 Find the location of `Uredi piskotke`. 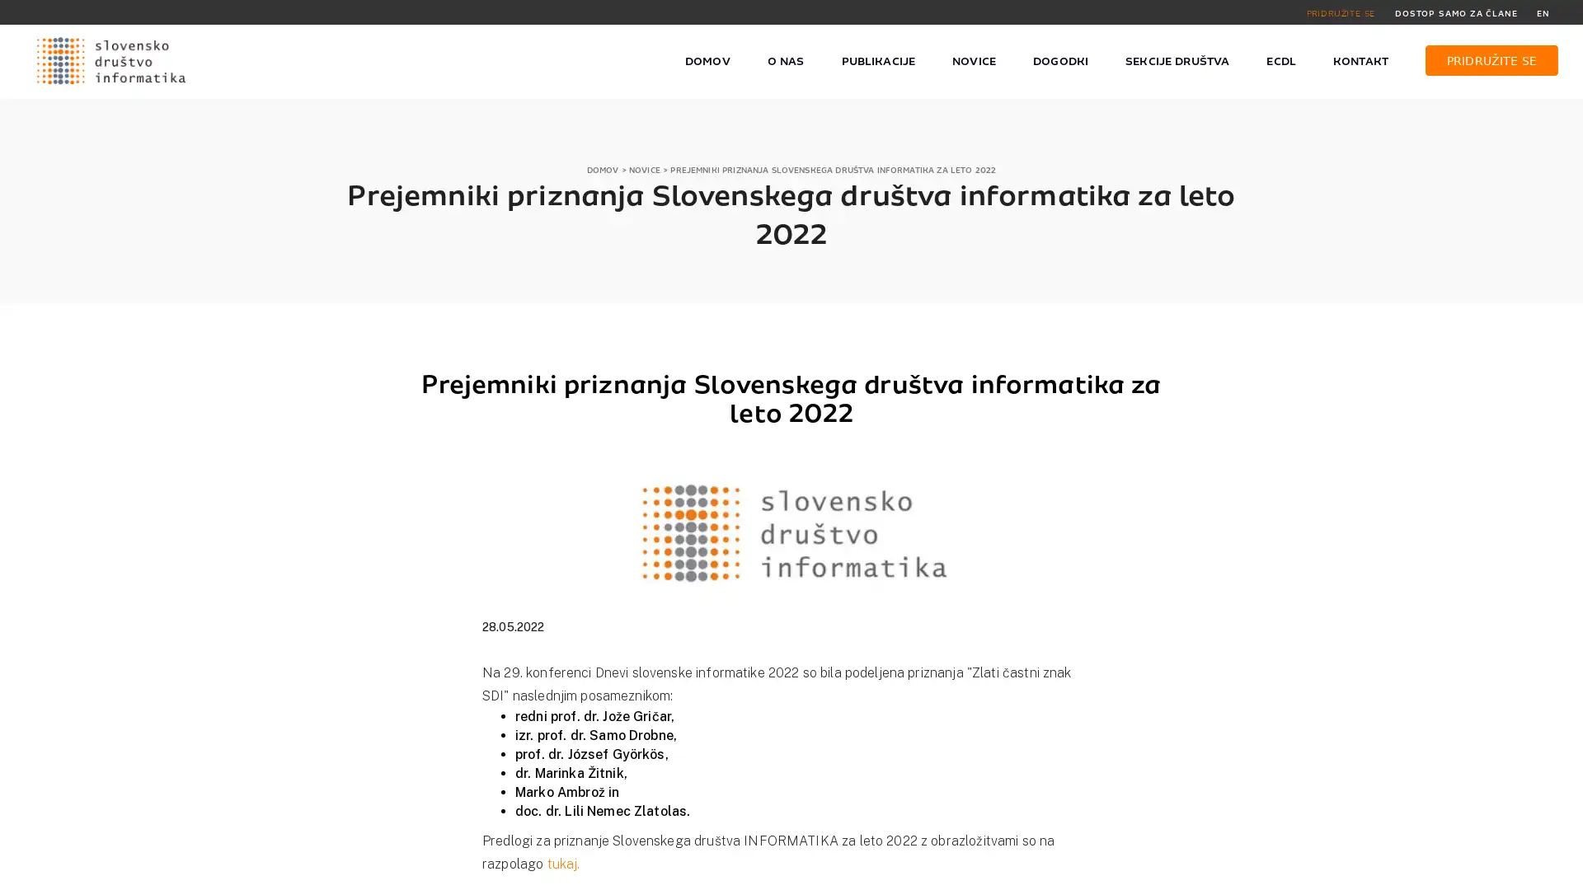

Uredi piskotke is located at coordinates (1171, 868).